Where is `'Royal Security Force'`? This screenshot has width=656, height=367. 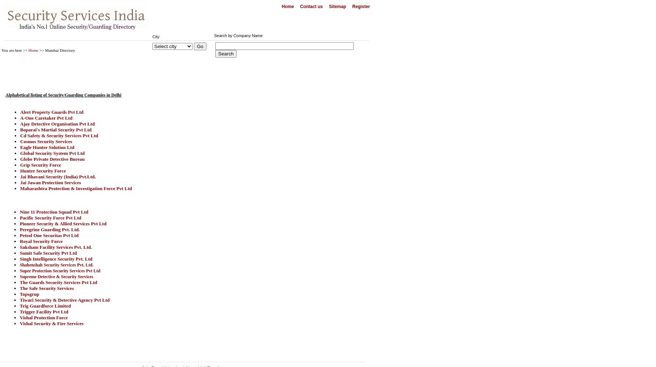 'Royal Security Force' is located at coordinates (41, 241).